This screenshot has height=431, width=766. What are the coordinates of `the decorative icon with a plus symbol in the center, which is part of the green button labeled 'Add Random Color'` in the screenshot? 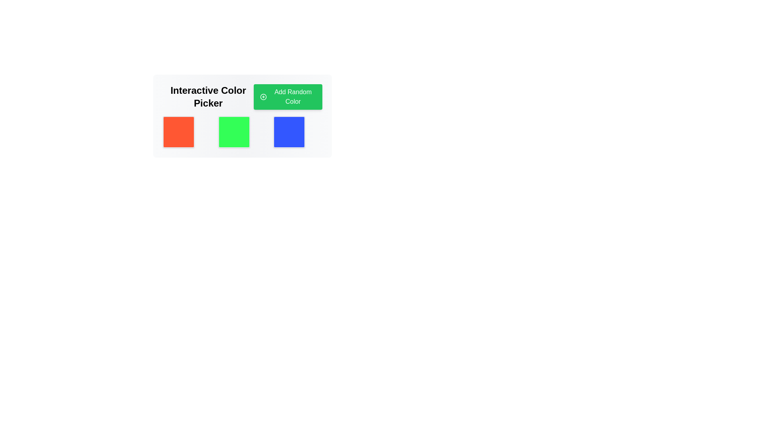 It's located at (263, 97).